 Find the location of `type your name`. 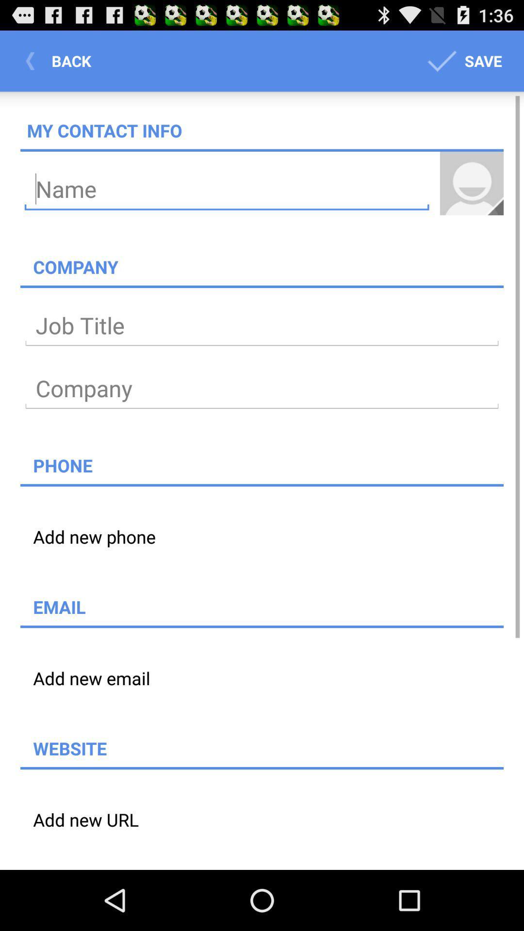

type your name is located at coordinates (227, 189).